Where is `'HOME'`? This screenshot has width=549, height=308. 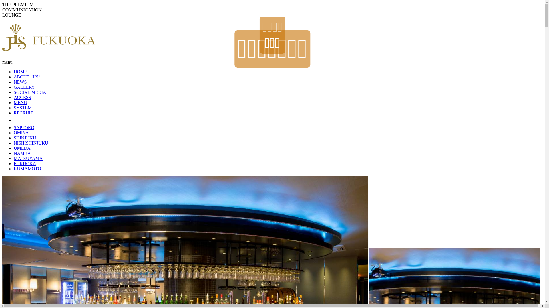
'HOME' is located at coordinates (14, 71).